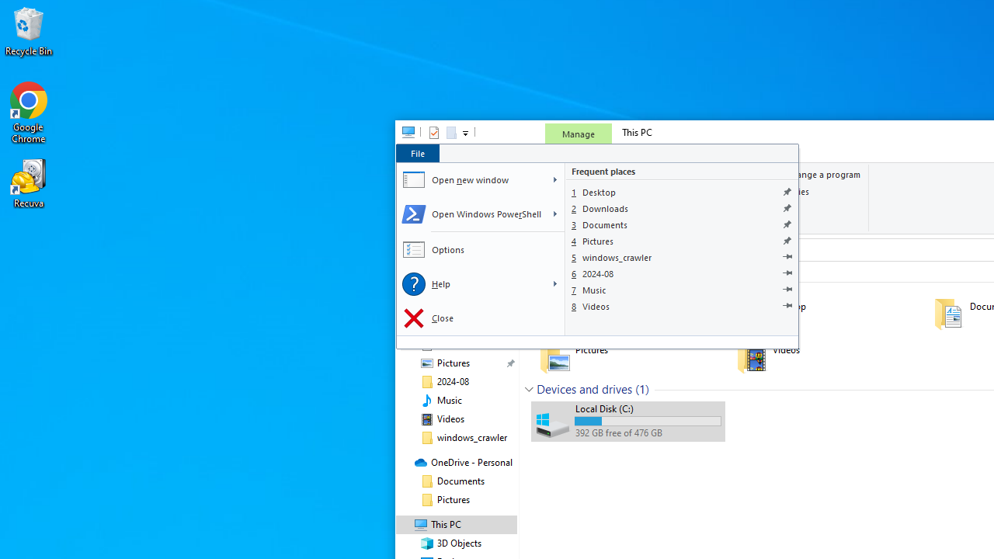 The image size is (994, 559). Describe the element at coordinates (682, 224) in the screenshot. I see `'Documents'` at that location.